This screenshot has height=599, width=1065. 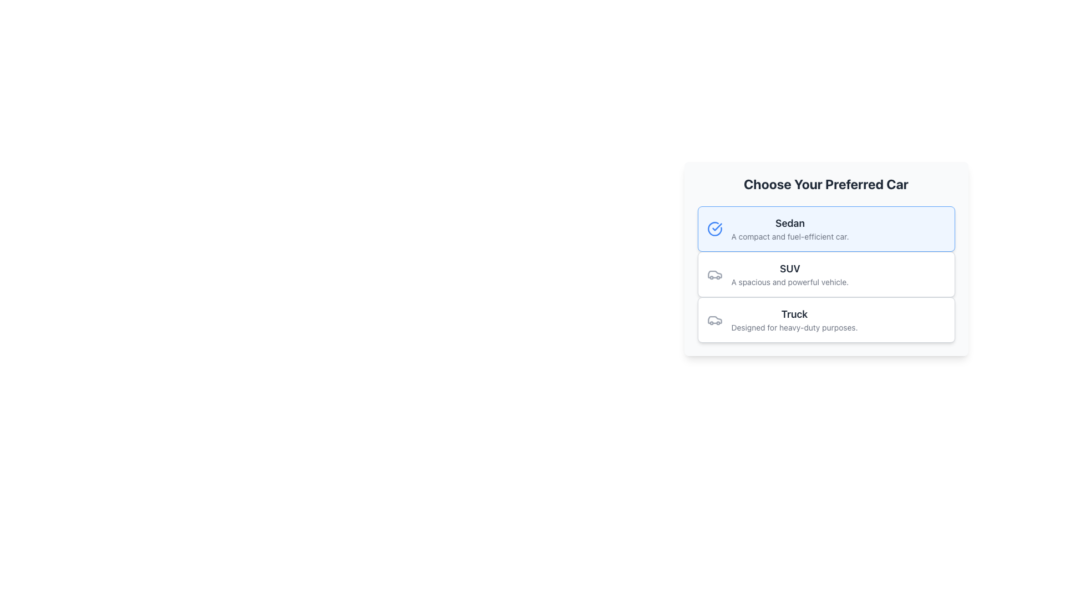 What do you see at coordinates (714, 228) in the screenshot?
I see `'Sedan' selection icon, which is a circular segment on the left side of the 'Sedan' option within the selection group, for accessibility purposes` at bounding box center [714, 228].